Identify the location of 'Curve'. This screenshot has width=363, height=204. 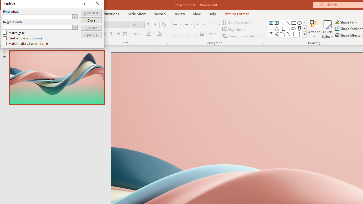
(288, 34).